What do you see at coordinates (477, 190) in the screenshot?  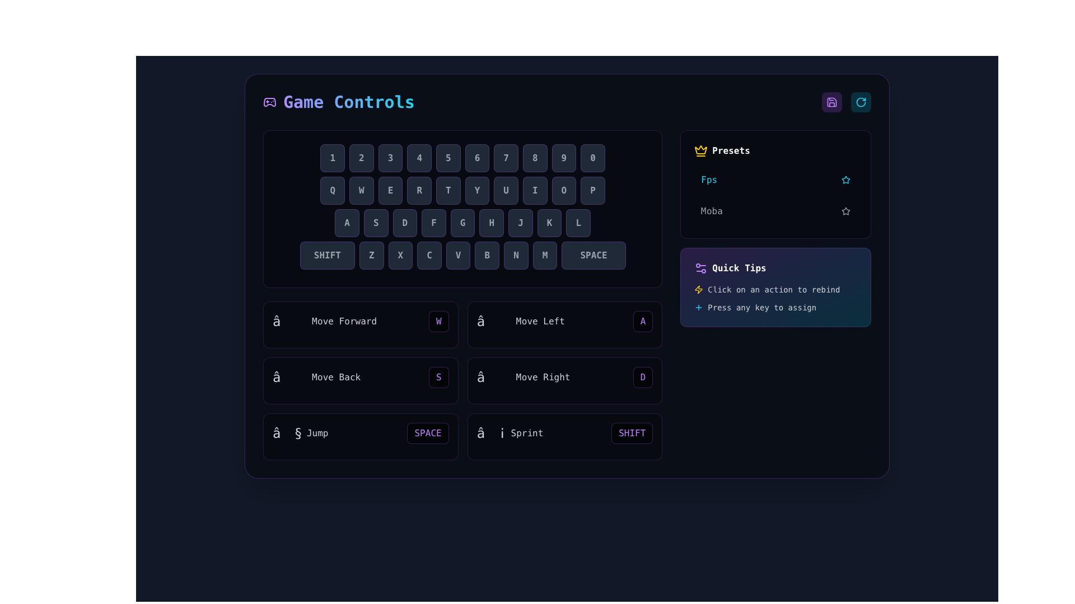 I see `the button with a dark gray background and light gray text displaying 'Y', which is the 6th button in a horizontal row of buttons labeled 'QWERTYUIOP'` at bounding box center [477, 190].